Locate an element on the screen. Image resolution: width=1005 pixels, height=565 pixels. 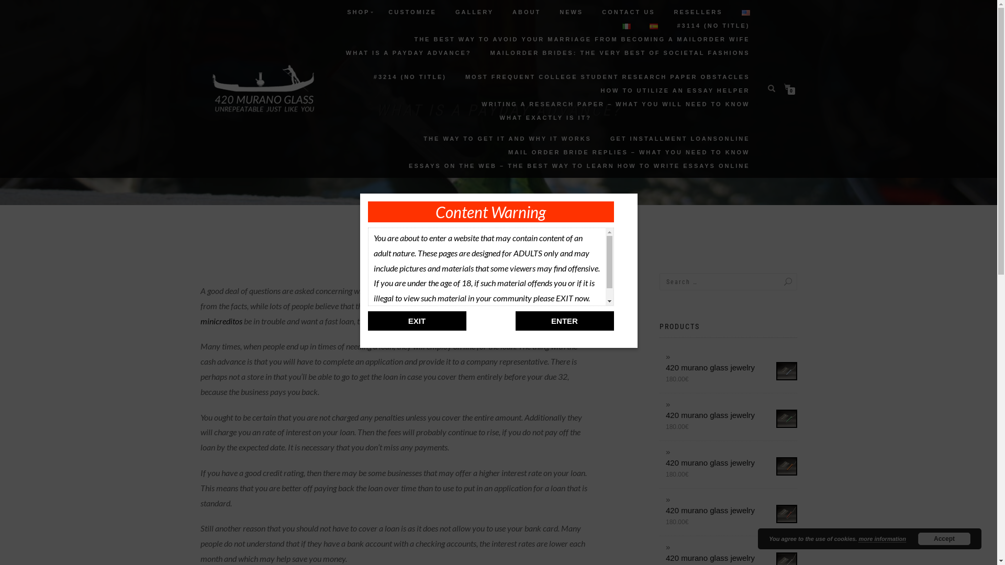
'WHAT IS A PAYDAY ADVANCE?' is located at coordinates (408, 58).